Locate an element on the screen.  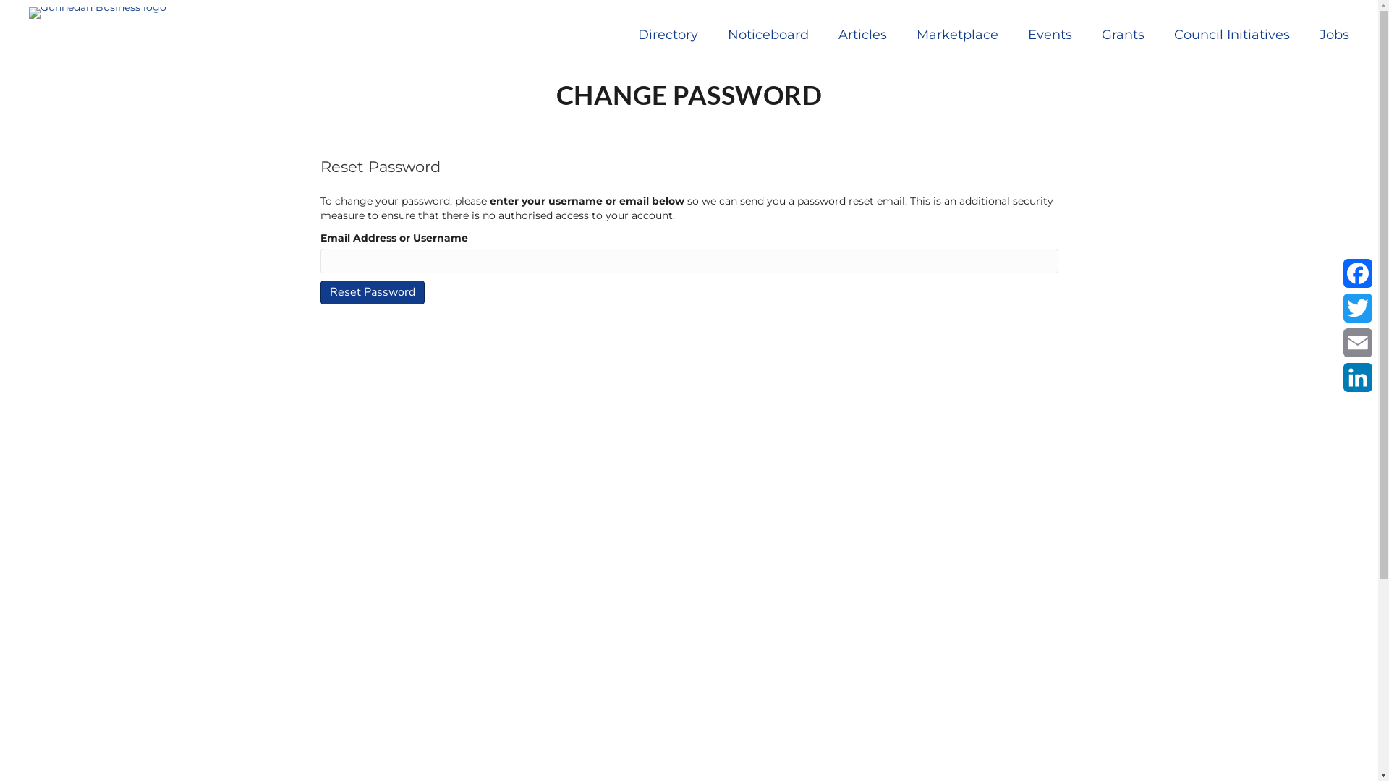
'Articles' is located at coordinates (862, 33).